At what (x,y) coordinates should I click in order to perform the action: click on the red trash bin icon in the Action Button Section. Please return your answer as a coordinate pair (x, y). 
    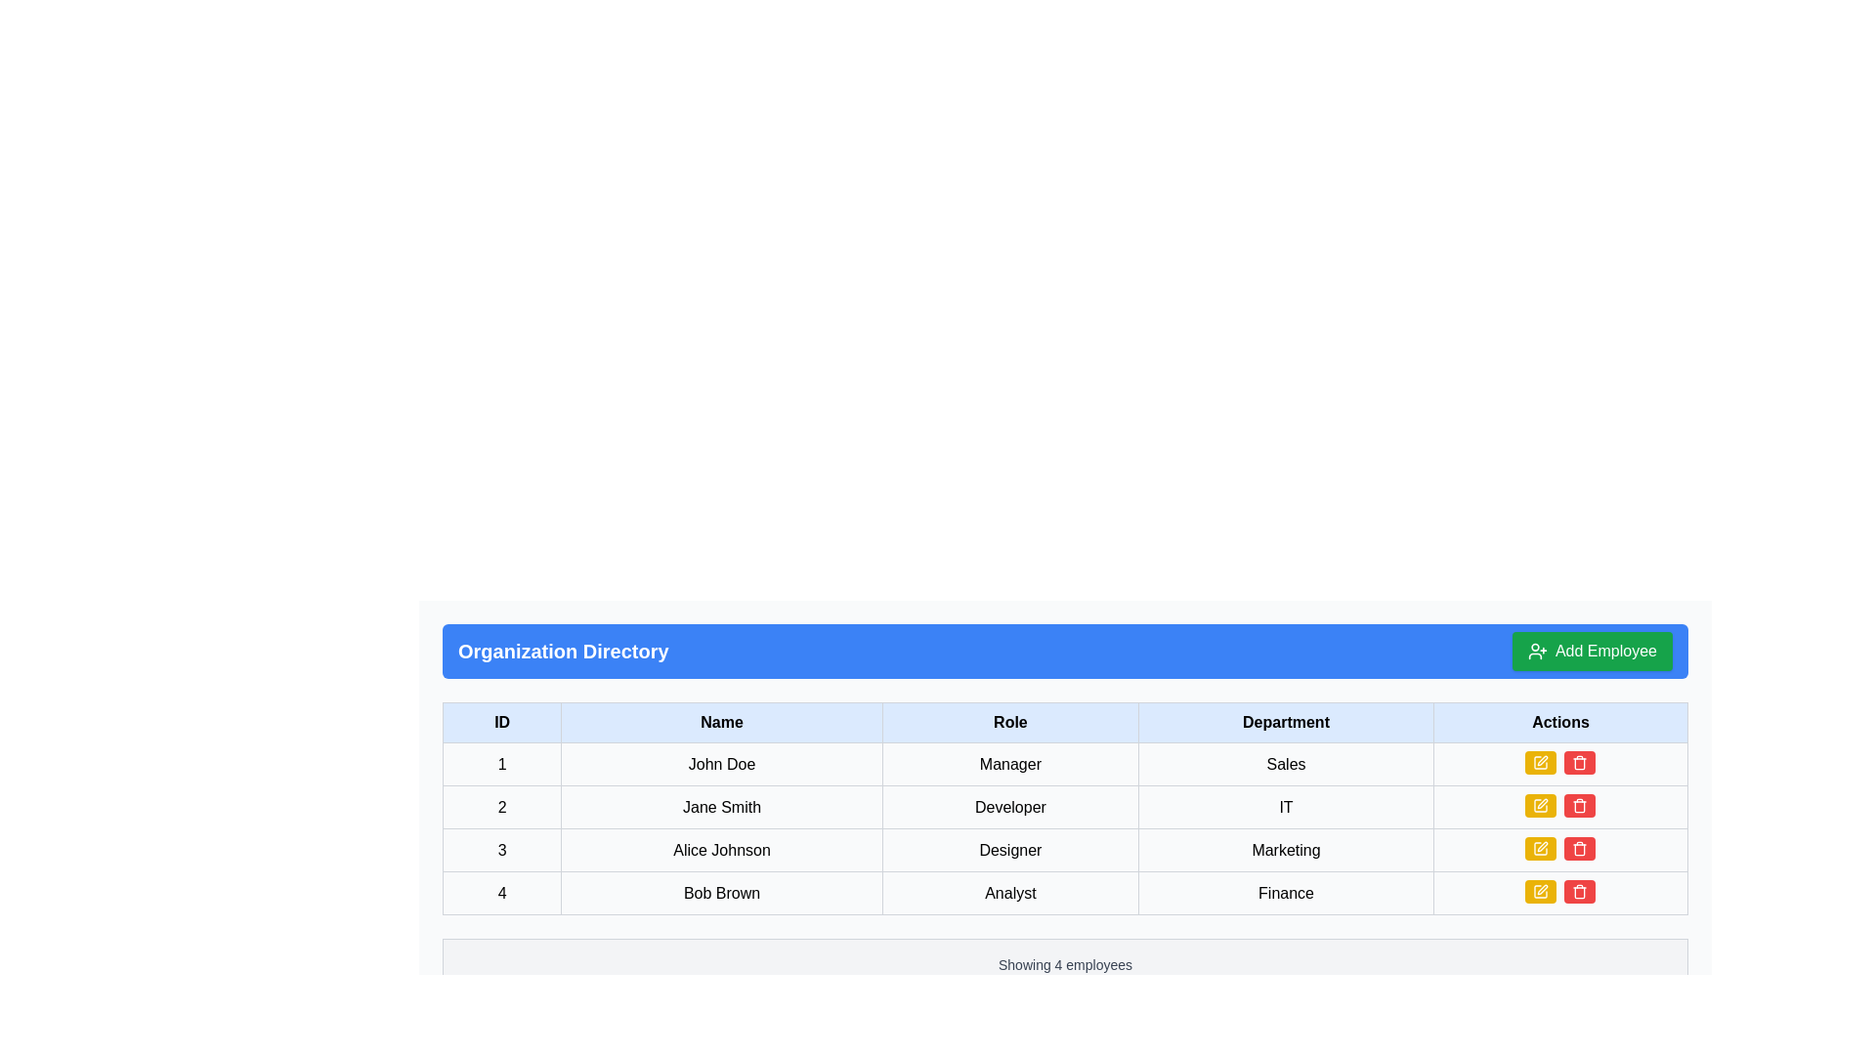
    Looking at the image, I should click on (1559, 893).